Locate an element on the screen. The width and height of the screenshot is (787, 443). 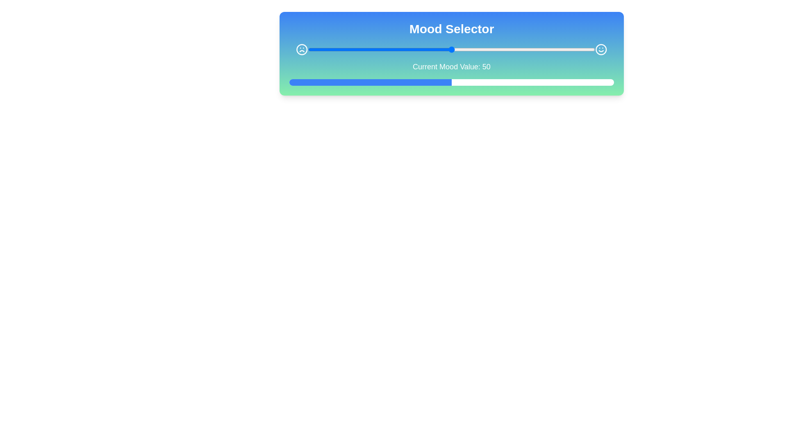
the mood slider is located at coordinates (362, 49).